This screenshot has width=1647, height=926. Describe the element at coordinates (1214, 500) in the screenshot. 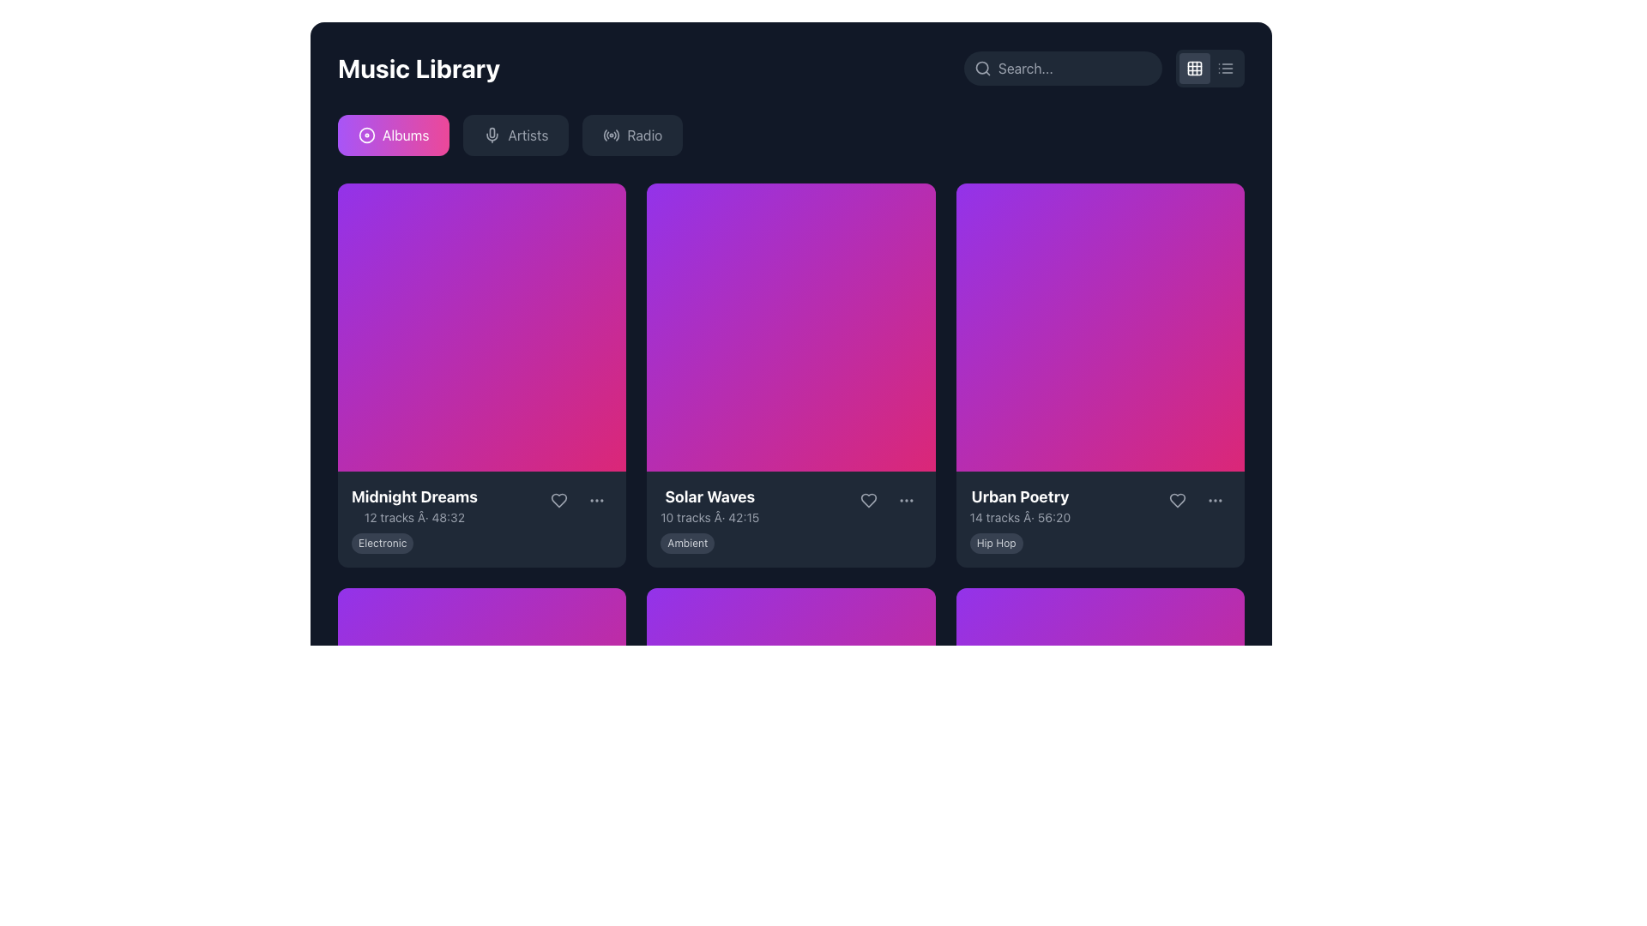

I see `the button` at that location.